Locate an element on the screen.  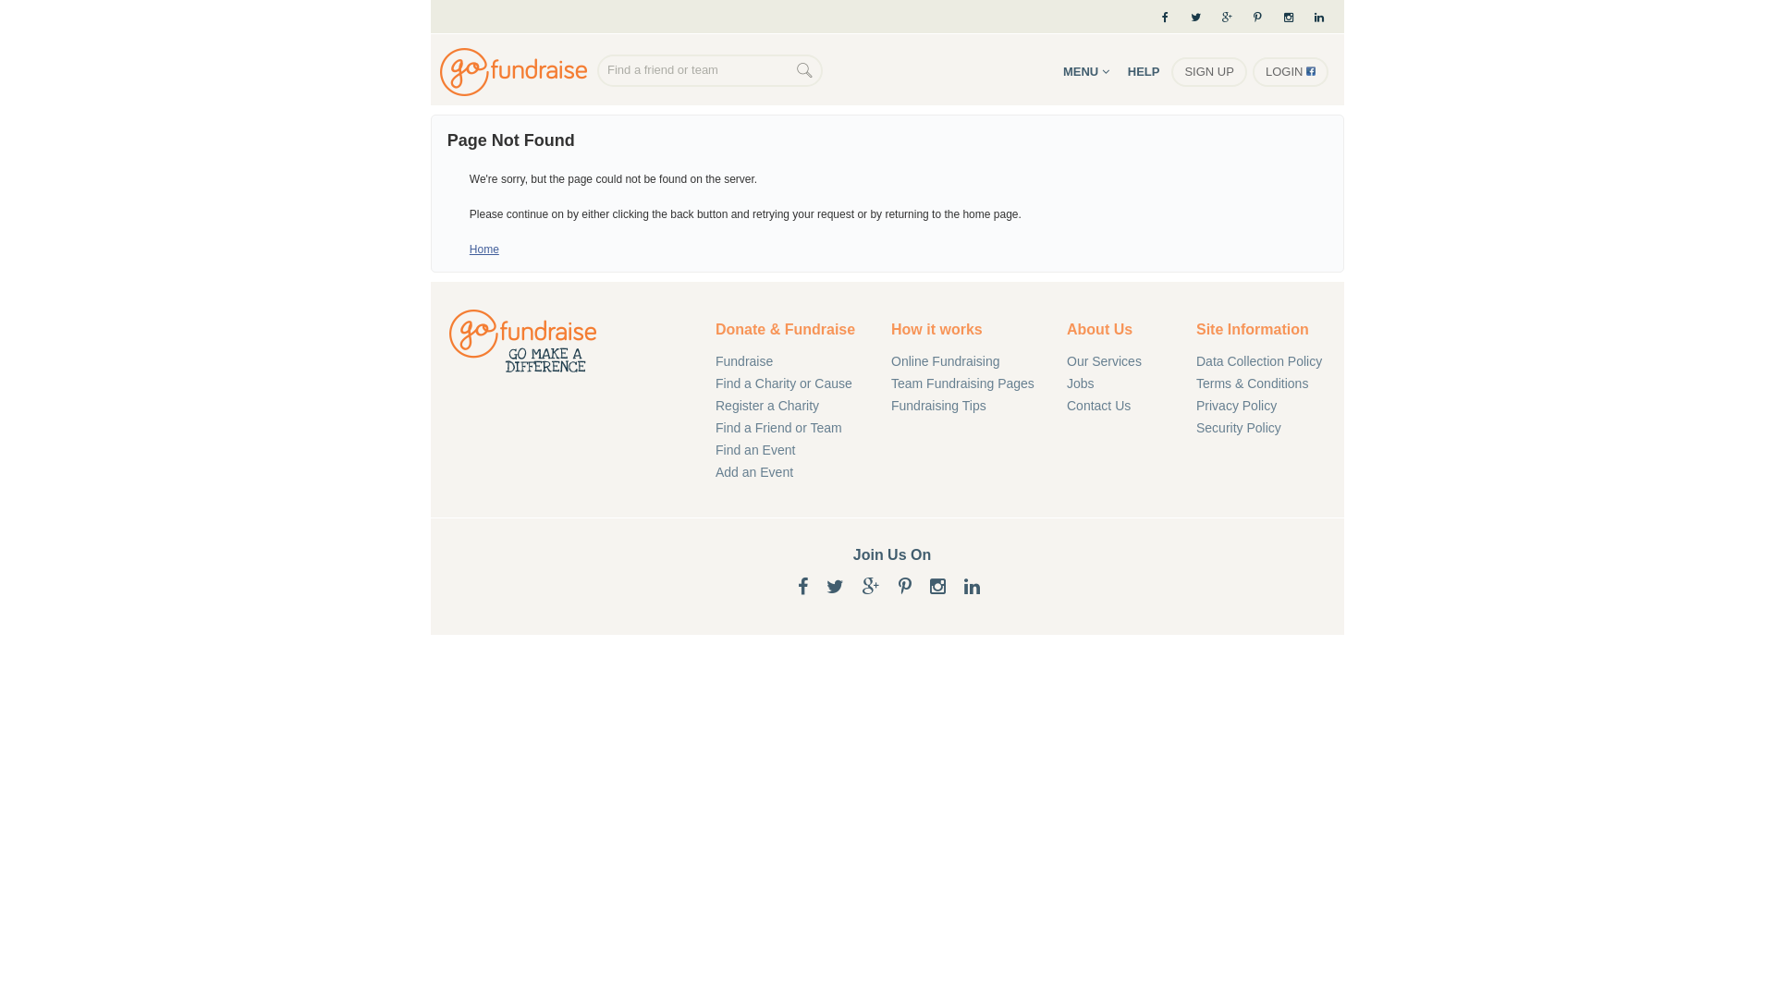
'Add an Event' is located at coordinates (790, 470).